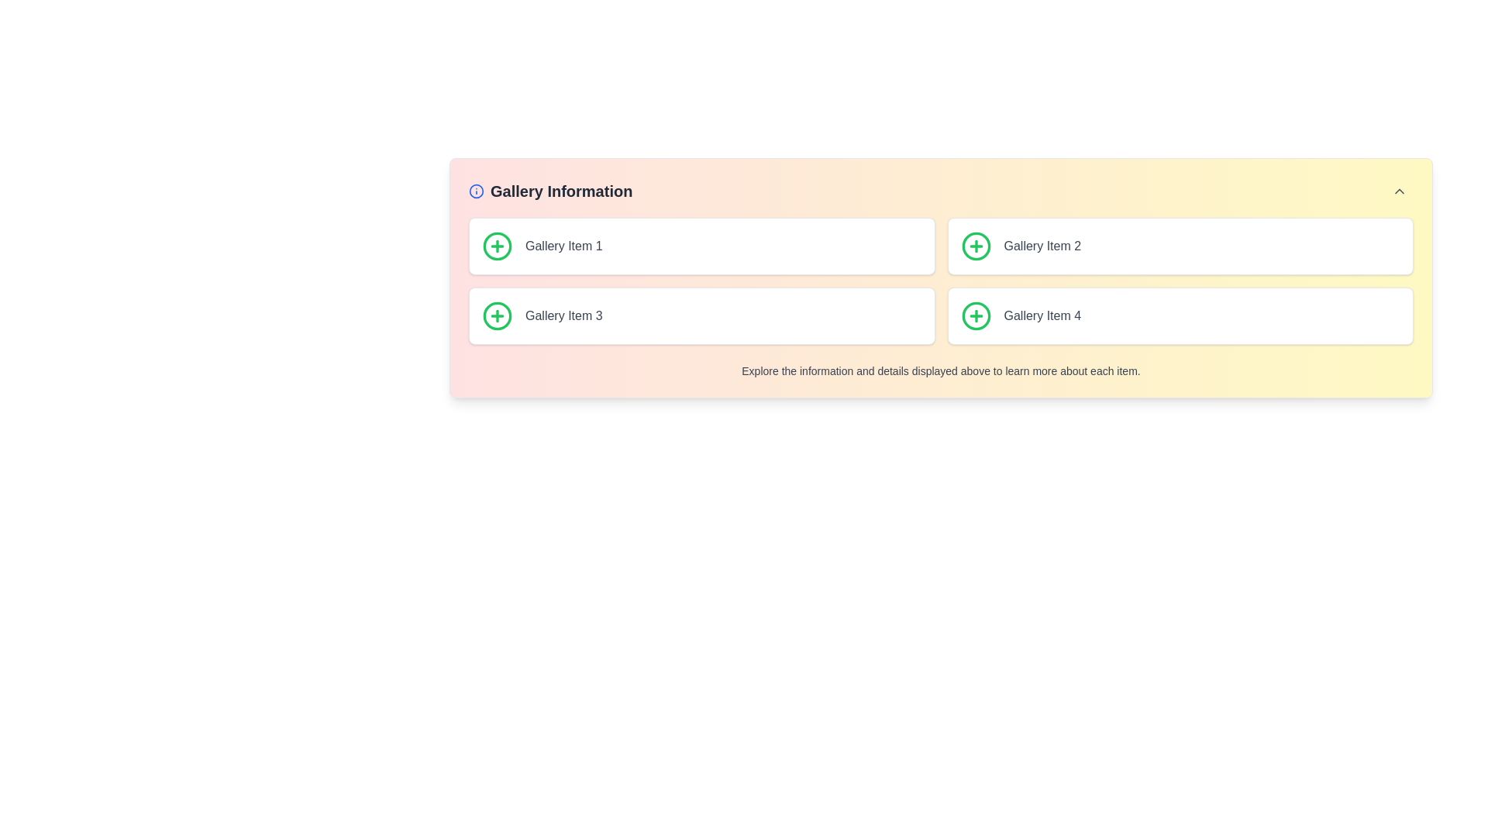 Image resolution: width=1488 pixels, height=837 pixels. I want to click on the first gallery item card located in the top-left corner of the two-by-two grid, so click(701, 245).